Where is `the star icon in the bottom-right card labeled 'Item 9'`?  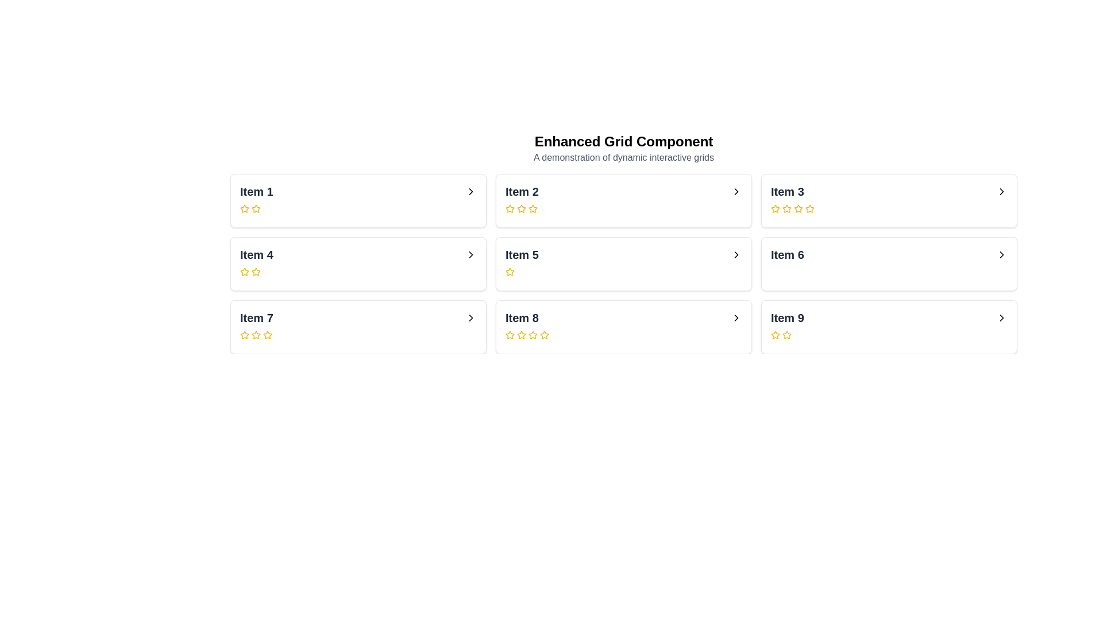 the star icon in the bottom-right card labeled 'Item 9' is located at coordinates (785, 334).